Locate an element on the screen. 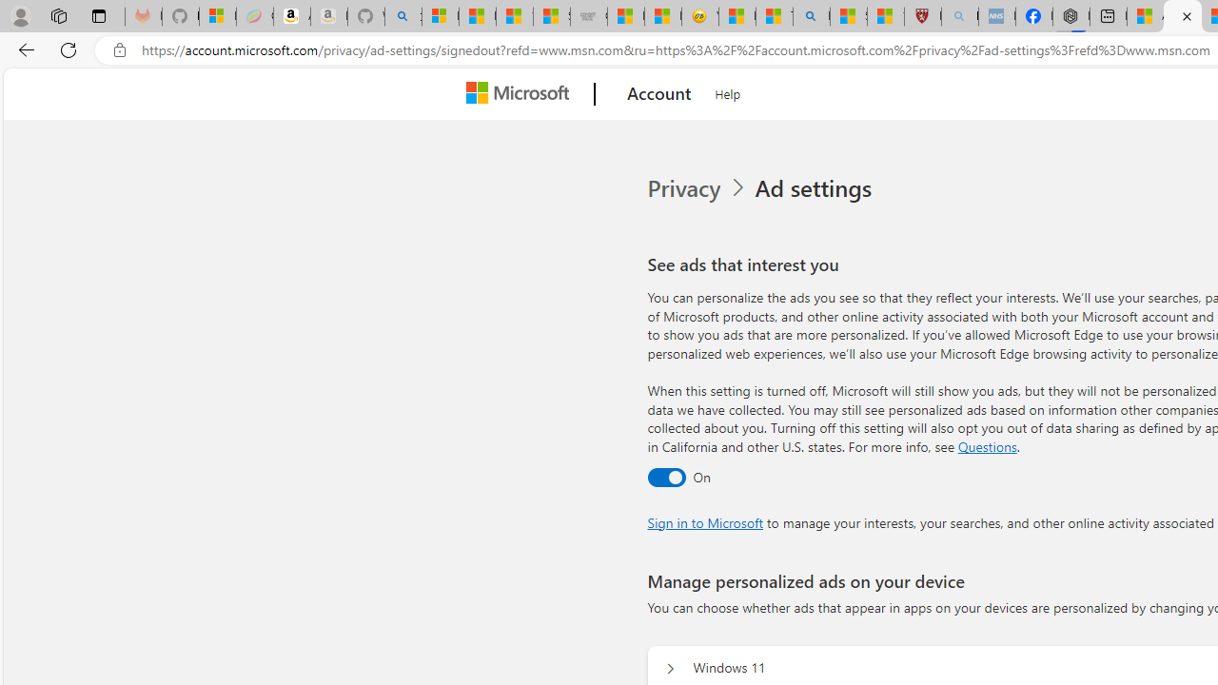 The width and height of the screenshot is (1218, 685). 'Tab actions menu' is located at coordinates (98, 15).